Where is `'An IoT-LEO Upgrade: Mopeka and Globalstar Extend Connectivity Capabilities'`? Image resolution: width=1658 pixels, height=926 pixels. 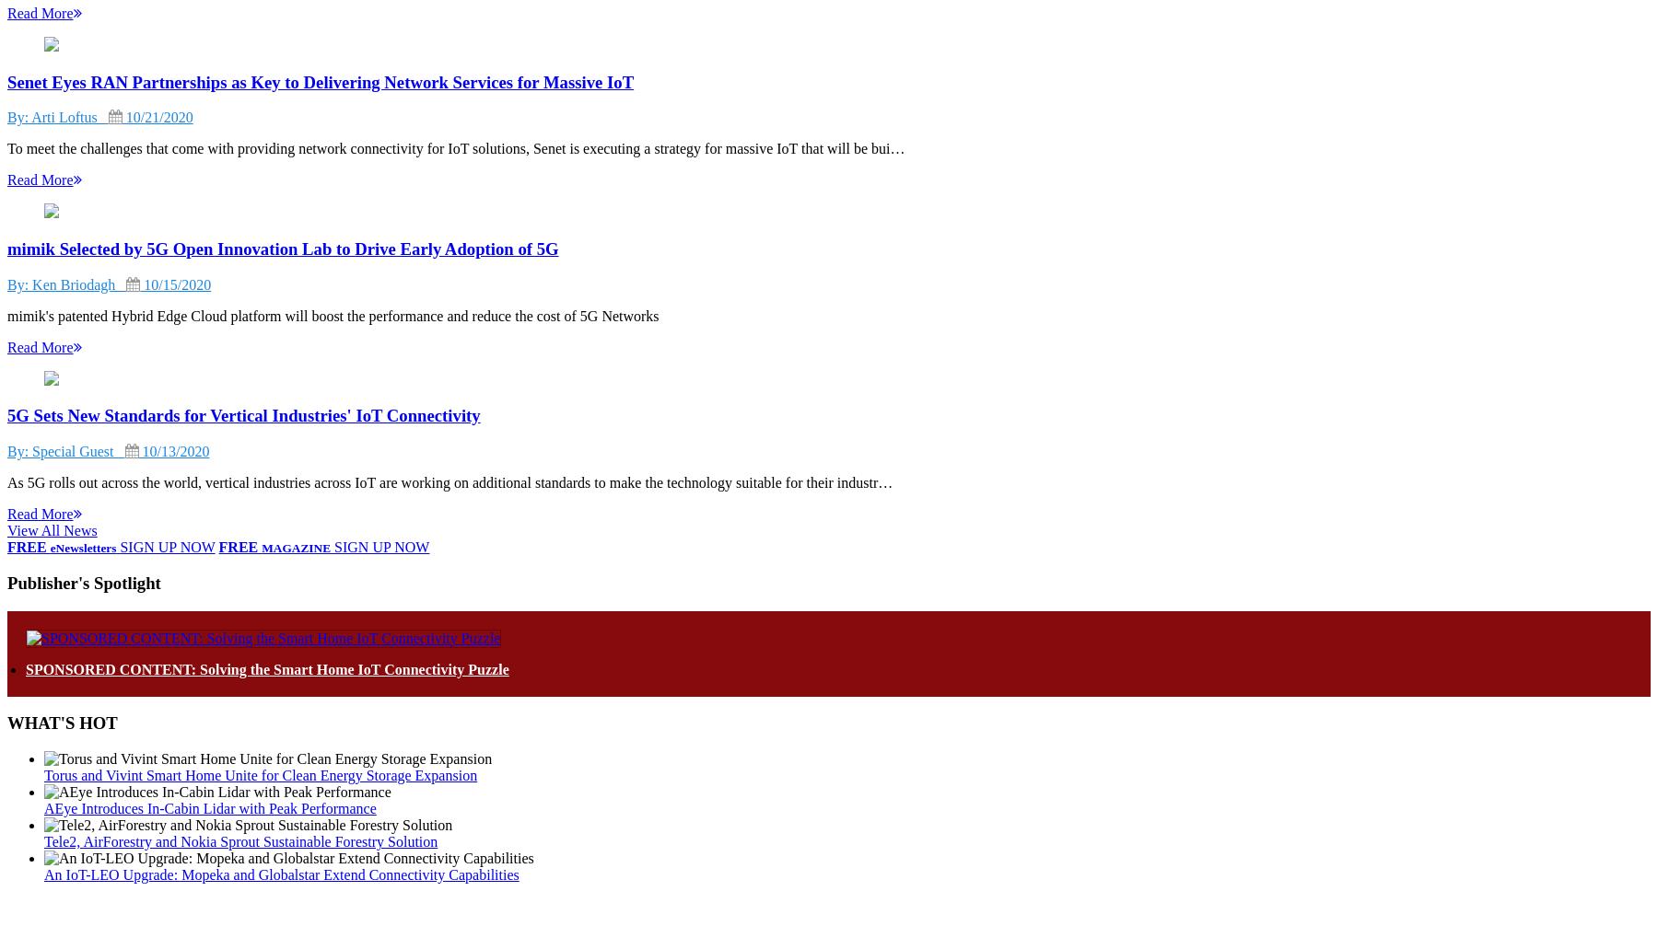
'An IoT-LEO Upgrade: Mopeka and Globalstar Extend Connectivity Capabilities' is located at coordinates (280, 874).